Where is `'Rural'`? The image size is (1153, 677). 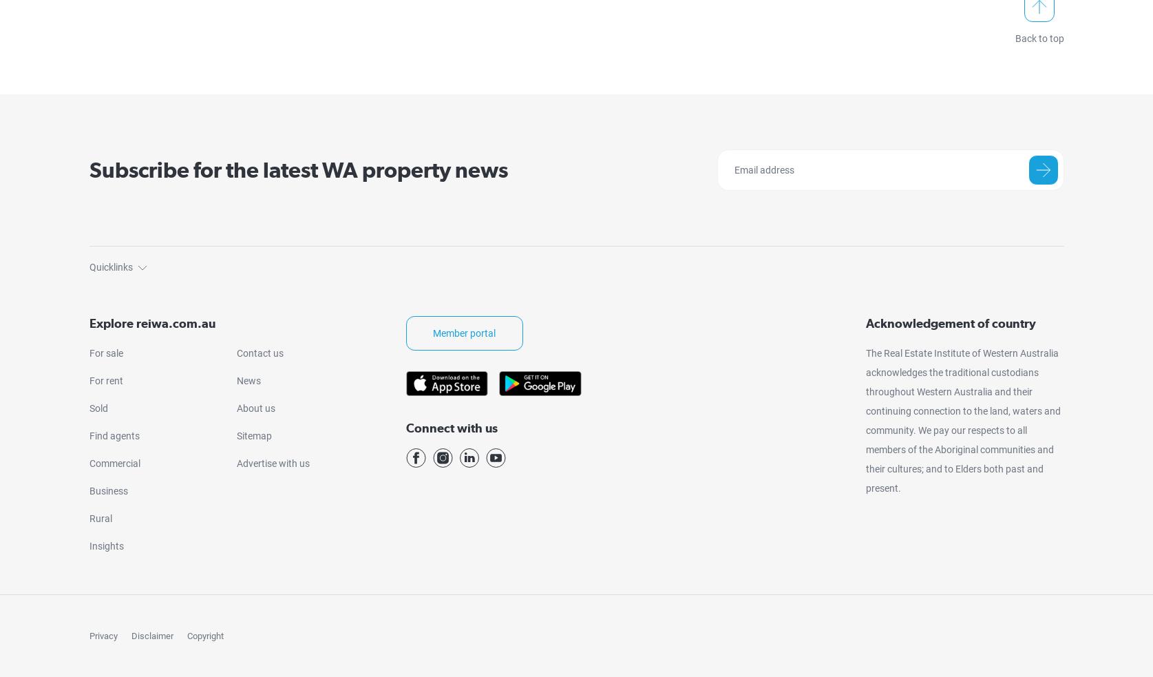
'Rural' is located at coordinates (88, 517).